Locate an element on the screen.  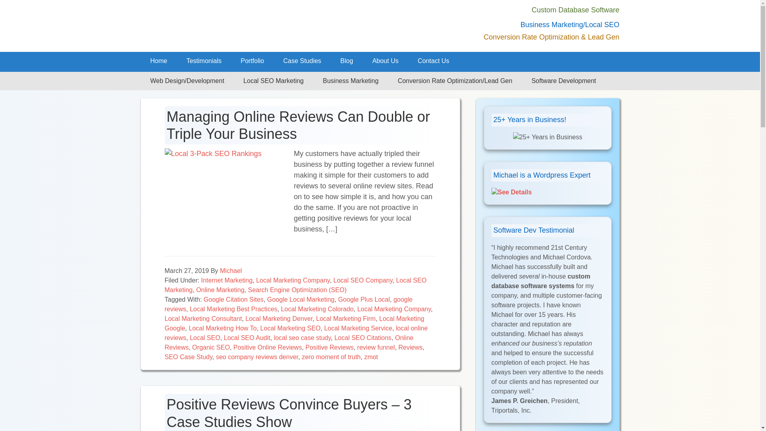
'Reviews' is located at coordinates (398, 347).